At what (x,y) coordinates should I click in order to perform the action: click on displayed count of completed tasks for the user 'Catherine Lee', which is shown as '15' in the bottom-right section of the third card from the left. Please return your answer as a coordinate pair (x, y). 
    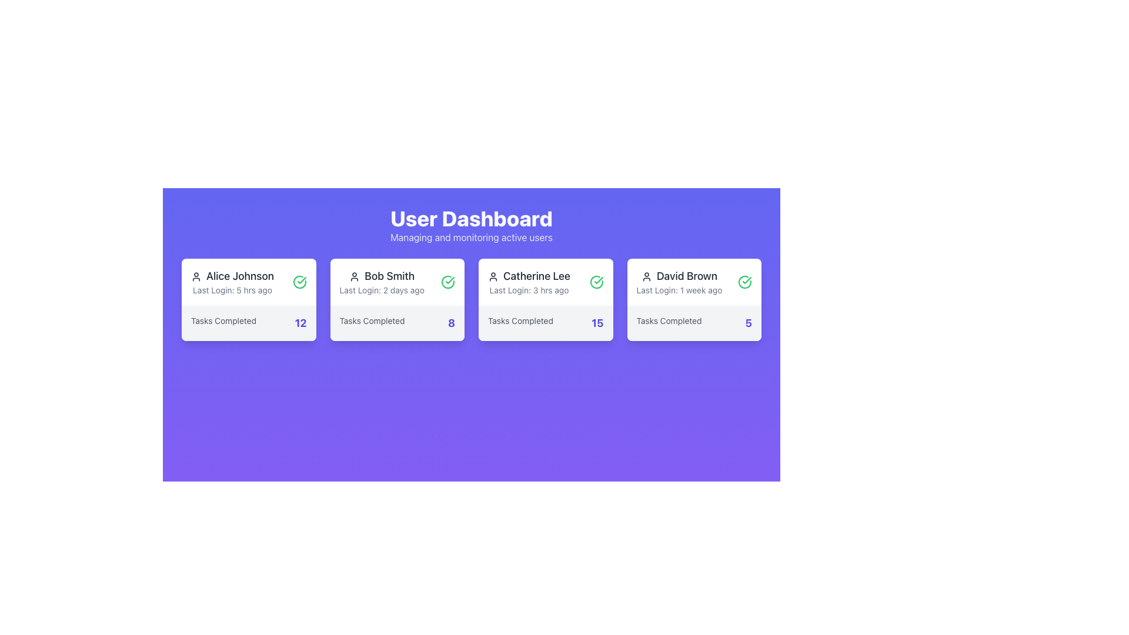
    Looking at the image, I should click on (597, 323).